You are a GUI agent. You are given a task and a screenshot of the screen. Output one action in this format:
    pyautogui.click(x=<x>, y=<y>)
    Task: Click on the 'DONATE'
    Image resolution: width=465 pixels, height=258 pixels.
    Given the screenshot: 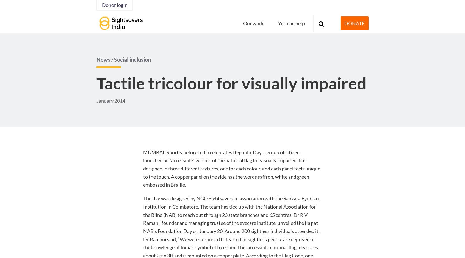 What is the action you would take?
    pyautogui.click(x=344, y=23)
    